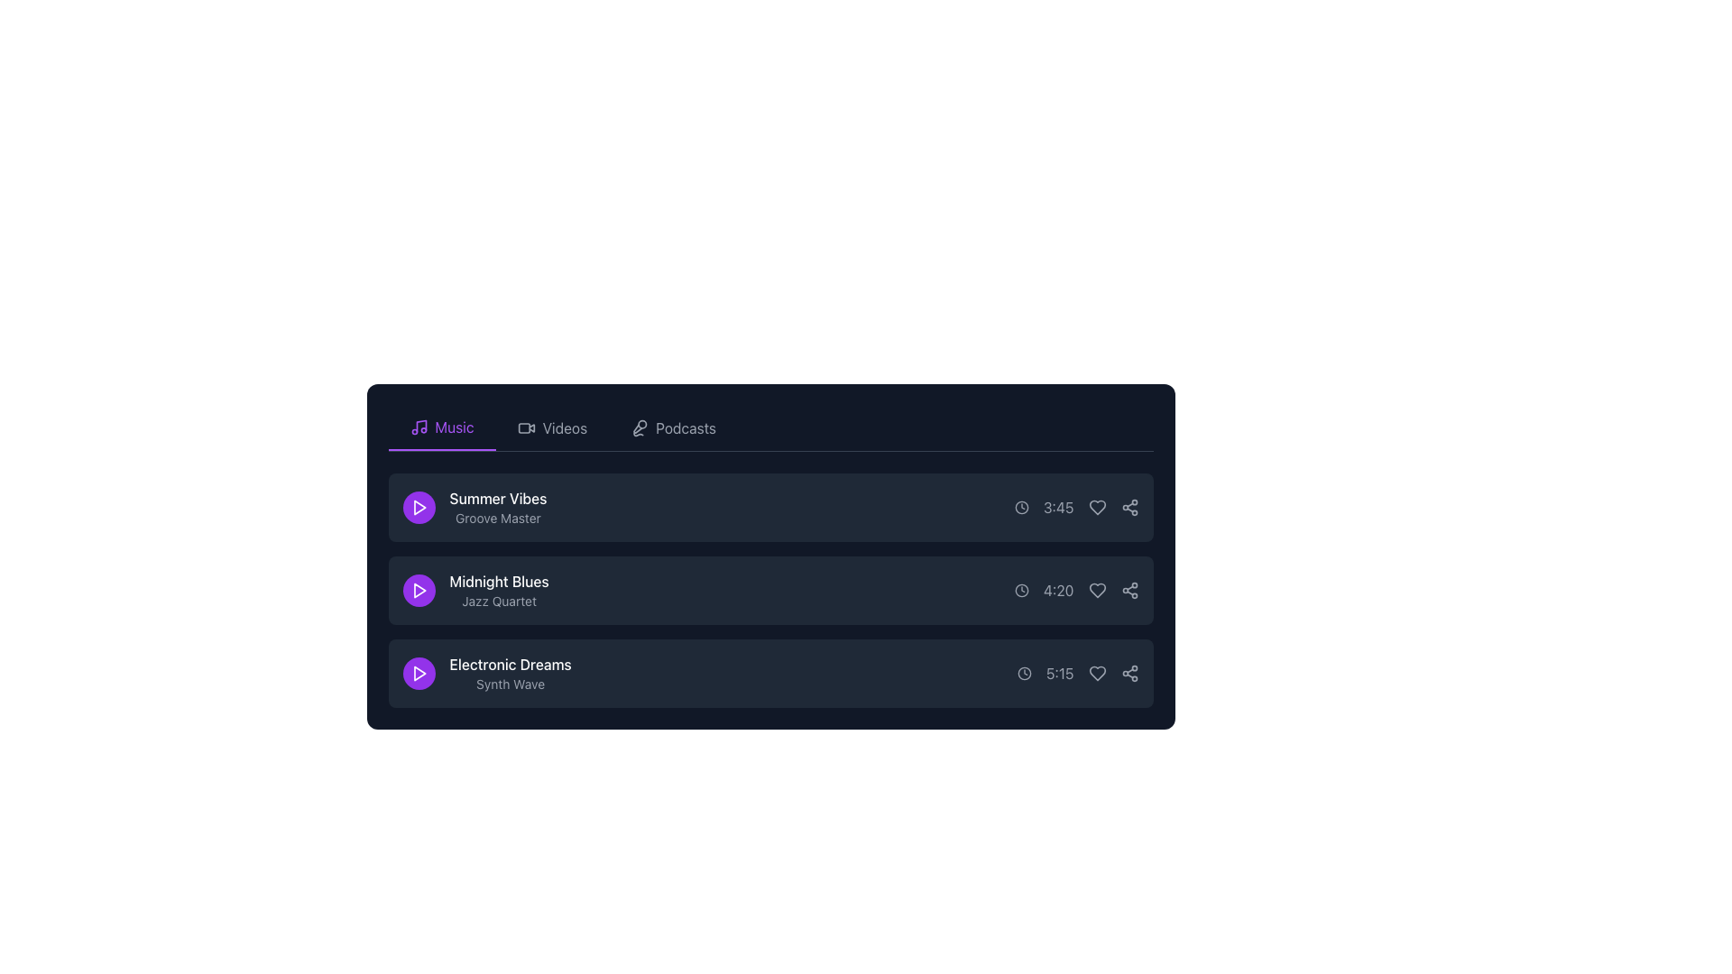 This screenshot has width=1732, height=974. I want to click on the clock icon, which is a circular shape with hands indicating time, located to the left of the text '3:45' in the first entry of a vertically stacked list, so click(1021, 508).